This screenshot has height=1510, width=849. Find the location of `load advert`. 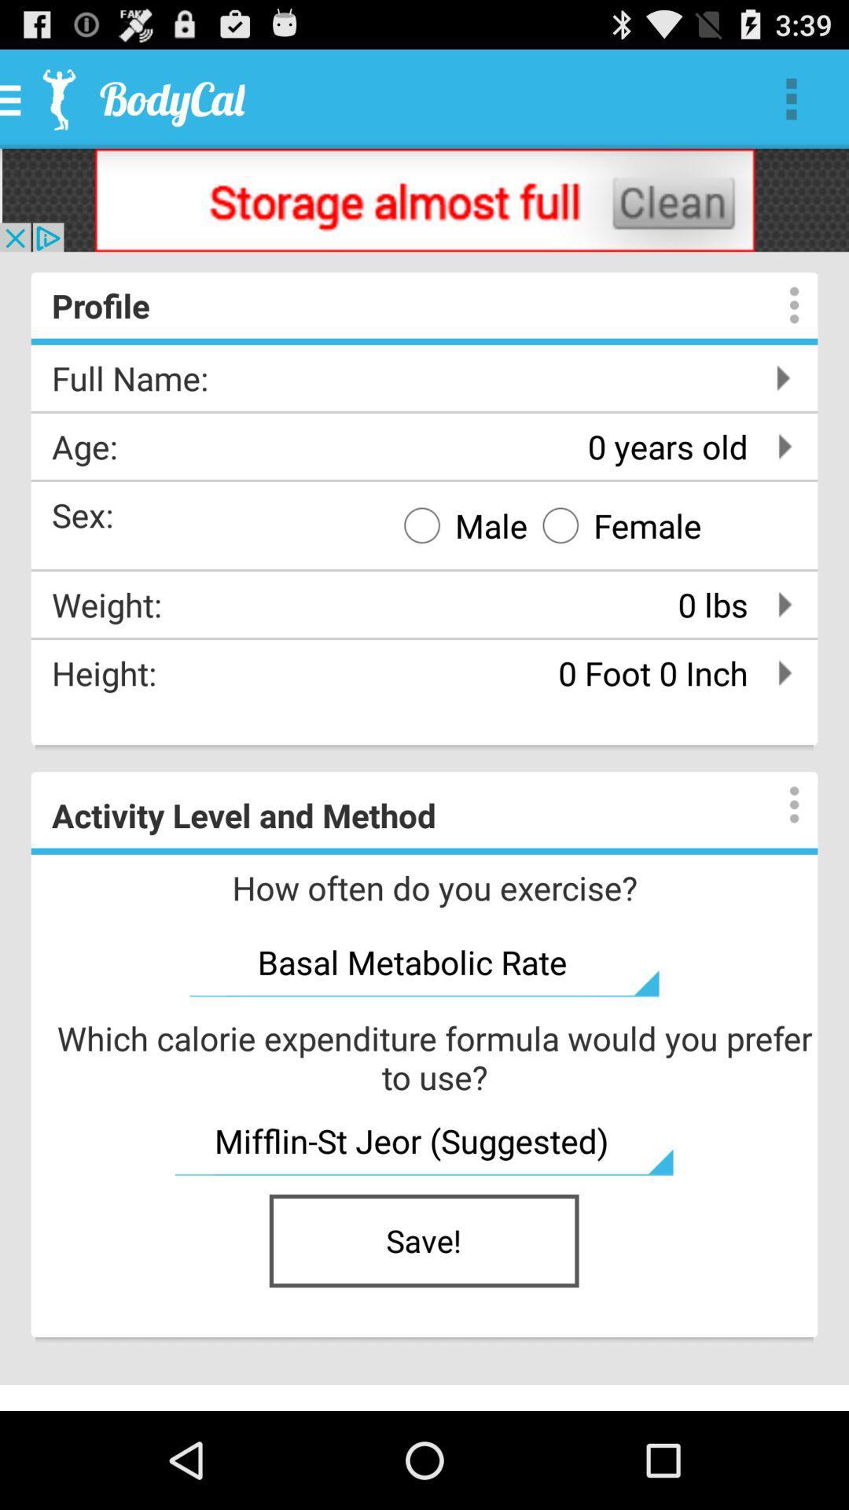

load advert is located at coordinates (424, 199).